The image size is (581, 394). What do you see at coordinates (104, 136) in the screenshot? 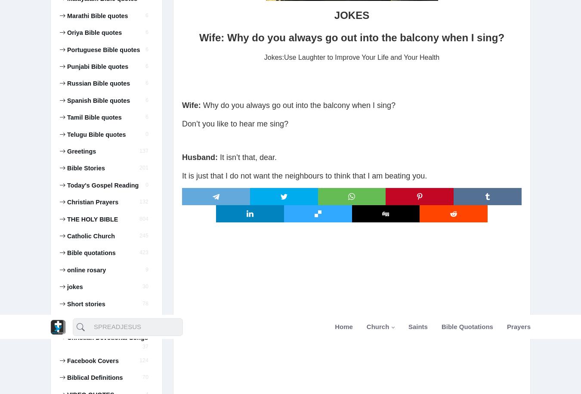
I see `'Hindi Bible Quotes 1 Timothy 2:5'` at bounding box center [104, 136].